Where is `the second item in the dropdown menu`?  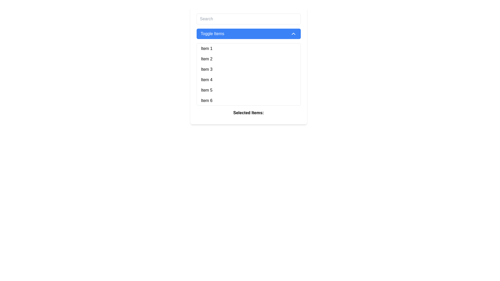
the second item in the dropdown menu is located at coordinates (248, 59).